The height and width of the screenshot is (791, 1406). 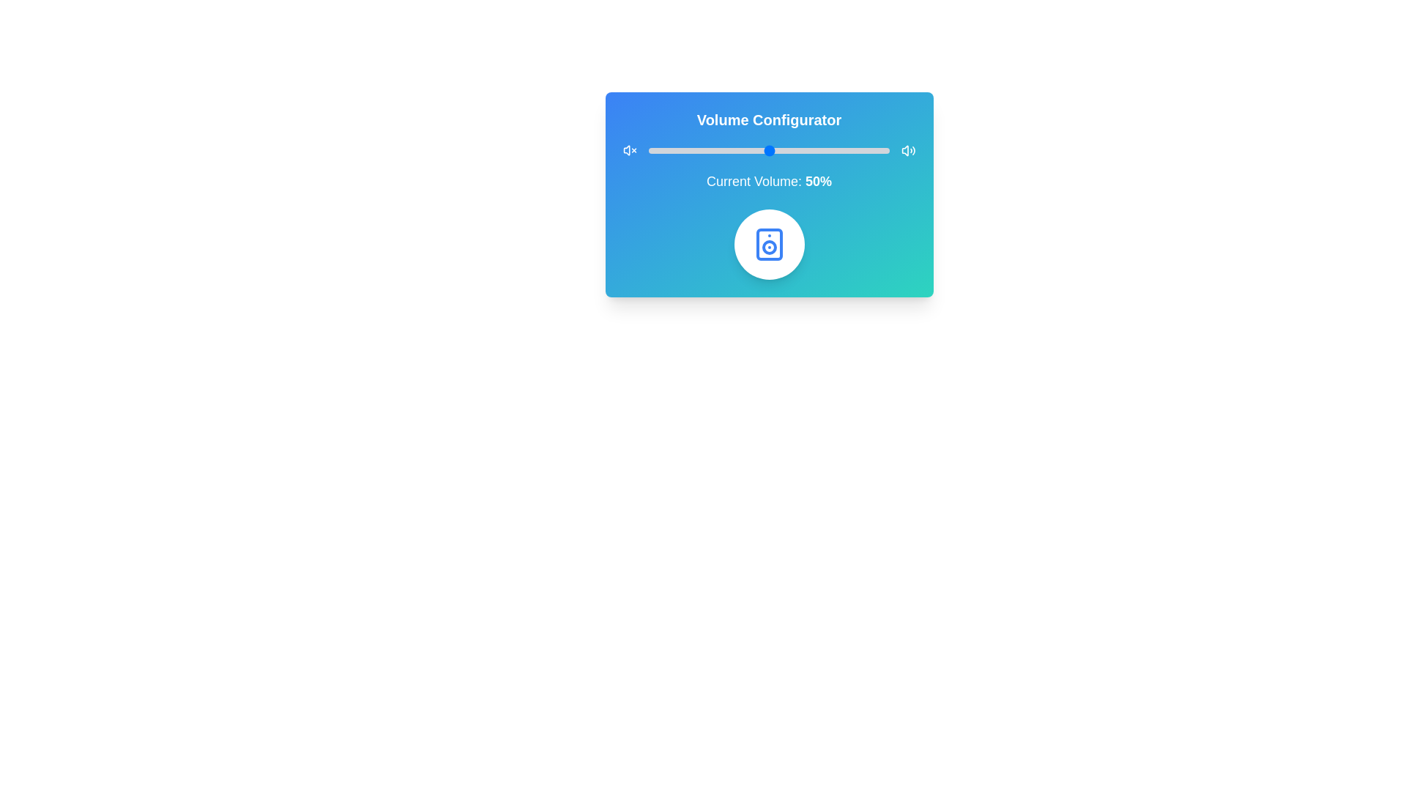 What do you see at coordinates (658, 150) in the screenshot?
I see `the volume slider to set the volume to 4%` at bounding box center [658, 150].